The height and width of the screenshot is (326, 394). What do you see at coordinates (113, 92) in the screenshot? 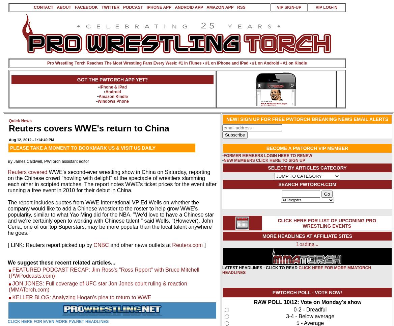
I see `'Android'` at bounding box center [113, 92].